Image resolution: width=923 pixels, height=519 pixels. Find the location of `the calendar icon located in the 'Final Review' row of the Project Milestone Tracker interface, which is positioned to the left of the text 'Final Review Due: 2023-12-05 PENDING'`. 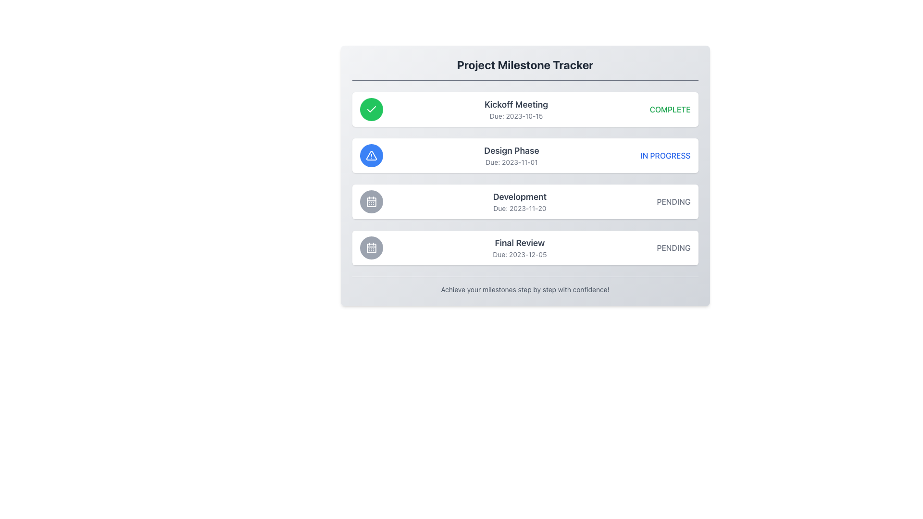

the calendar icon located in the 'Final Review' row of the Project Milestone Tracker interface, which is positioned to the left of the text 'Final Review Due: 2023-12-05 PENDING' is located at coordinates (371, 247).